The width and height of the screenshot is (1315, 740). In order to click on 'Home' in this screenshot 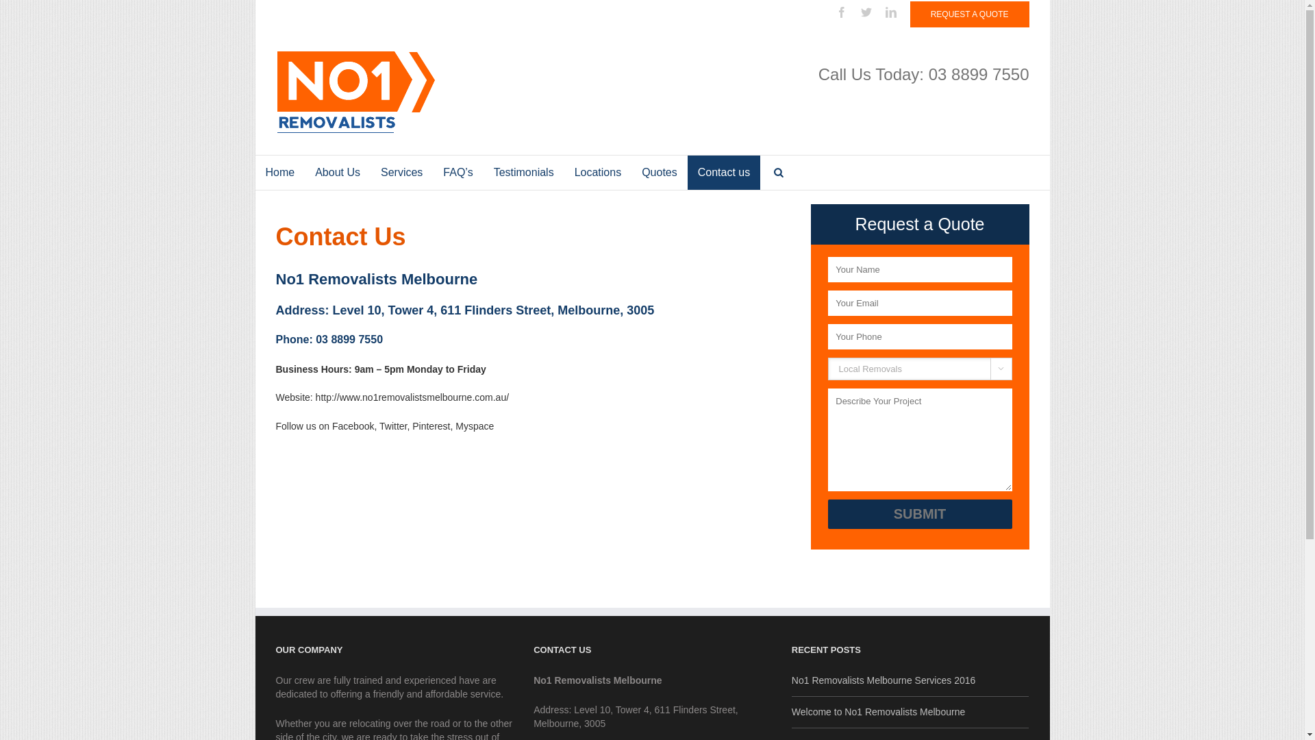, I will do `click(279, 171)`.